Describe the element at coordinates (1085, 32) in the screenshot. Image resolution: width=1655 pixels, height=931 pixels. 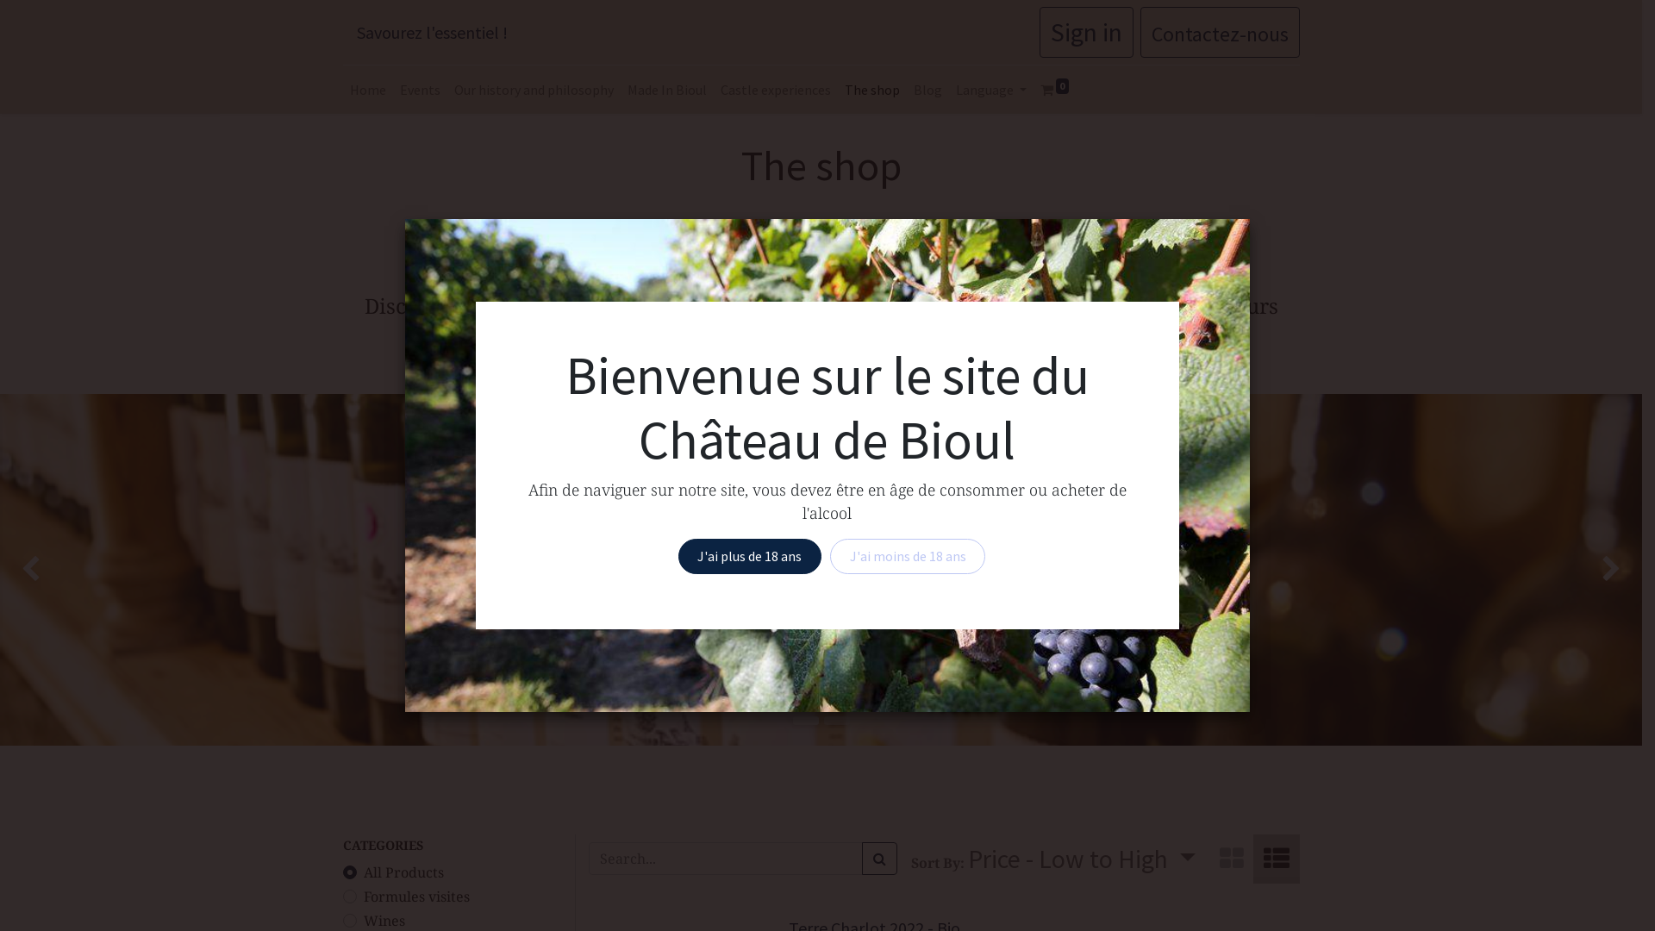
I see `'Sign in'` at that location.